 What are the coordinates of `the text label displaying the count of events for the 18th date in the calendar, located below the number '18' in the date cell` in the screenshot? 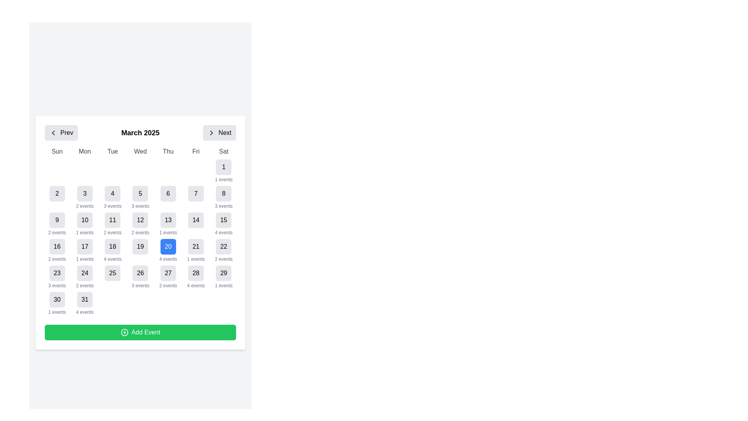 It's located at (112, 259).